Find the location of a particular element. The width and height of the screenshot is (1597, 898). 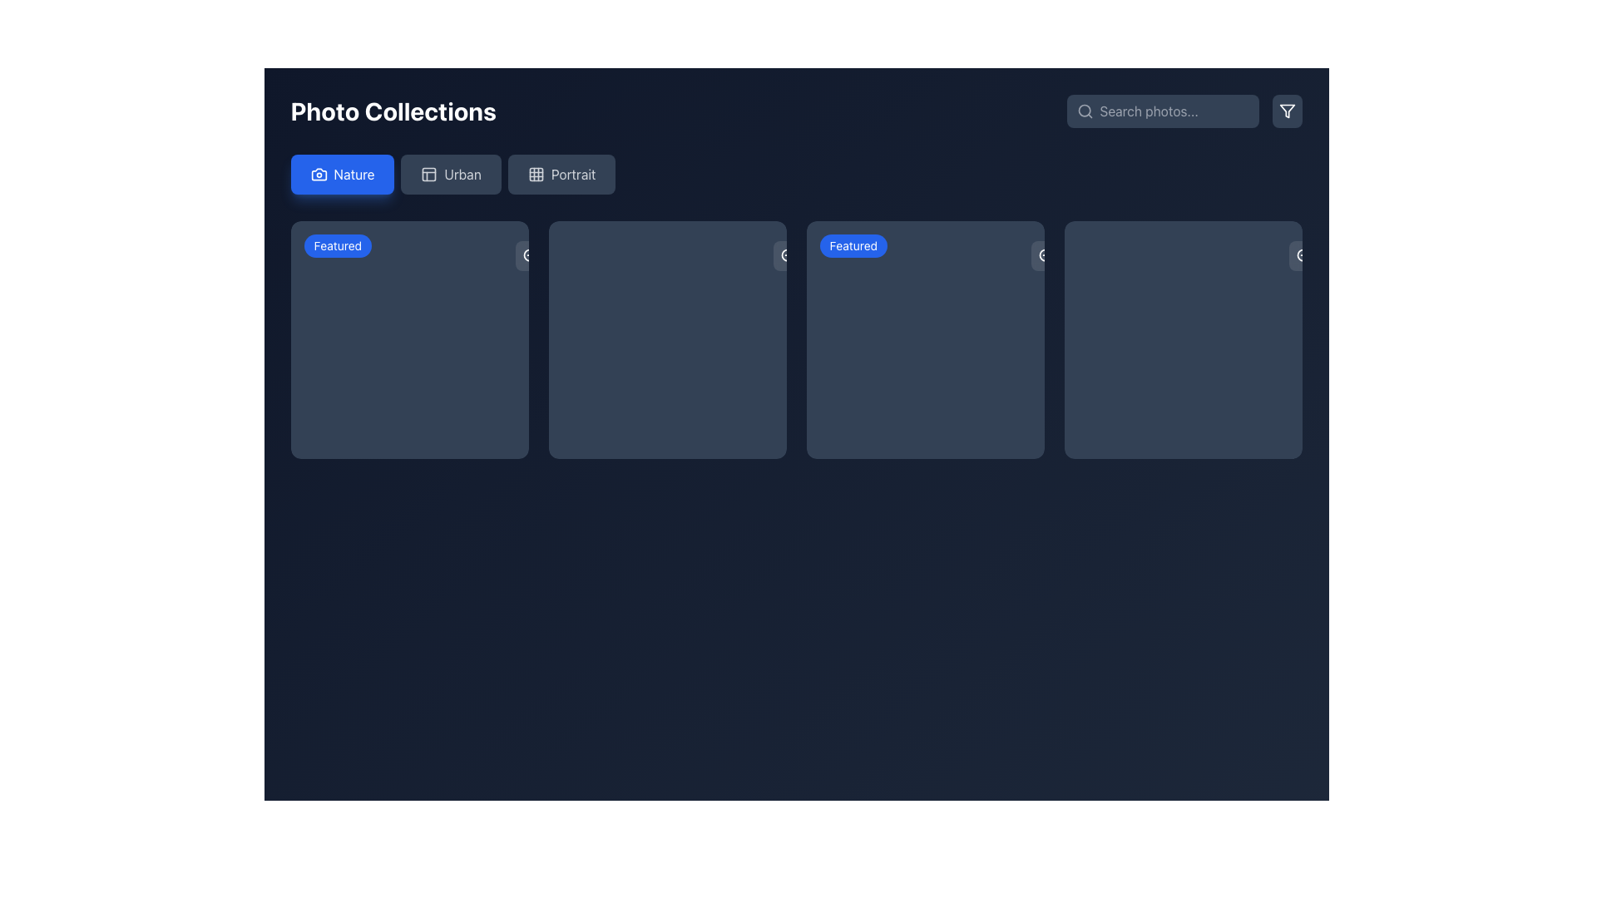

the blue rectangular badge labeled 'Featured' in the top-right corner of the second photo card from the left is located at coordinates (833, 253).